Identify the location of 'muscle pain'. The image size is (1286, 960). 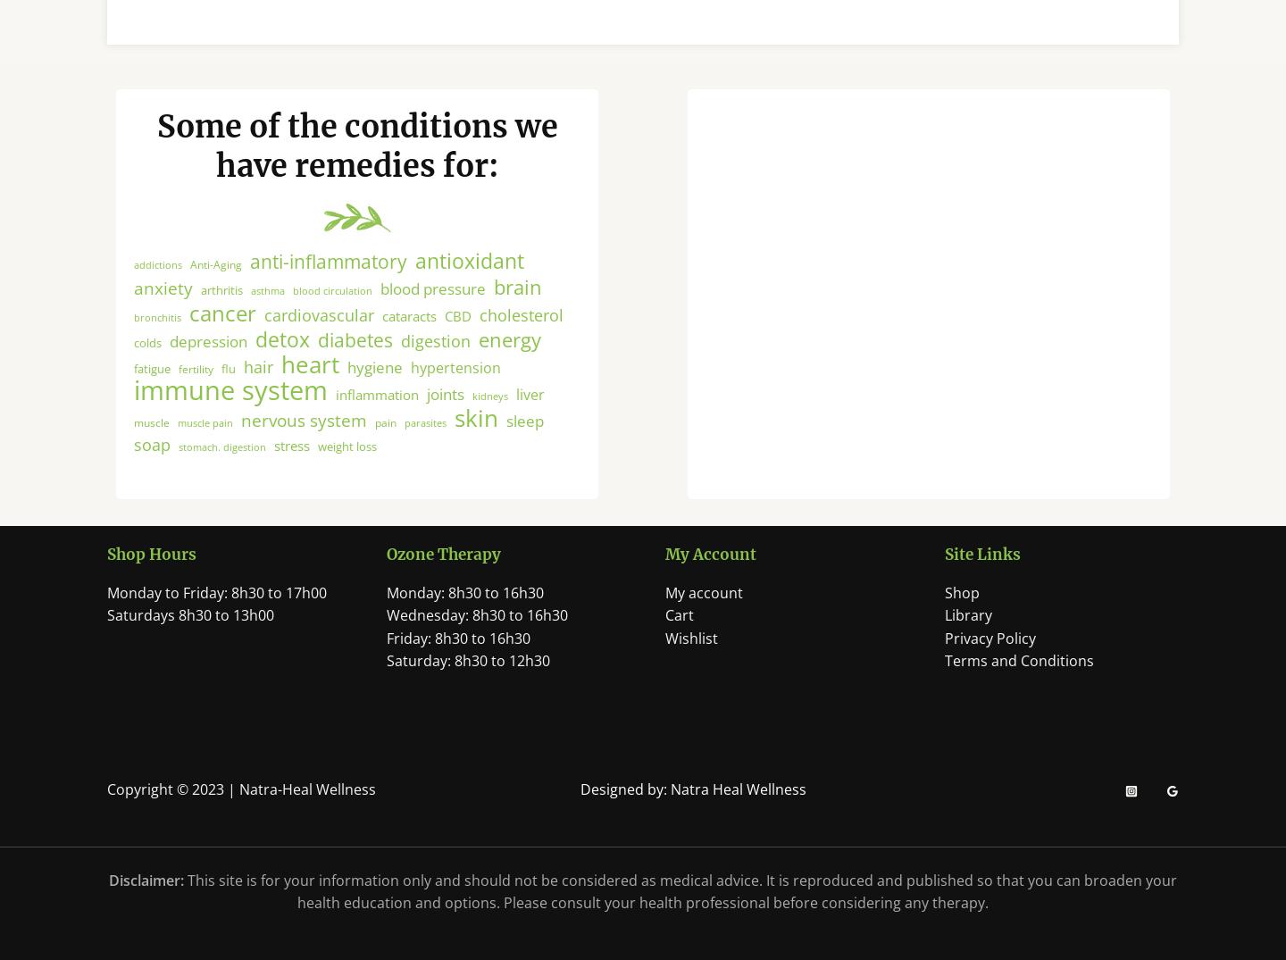
(205, 444).